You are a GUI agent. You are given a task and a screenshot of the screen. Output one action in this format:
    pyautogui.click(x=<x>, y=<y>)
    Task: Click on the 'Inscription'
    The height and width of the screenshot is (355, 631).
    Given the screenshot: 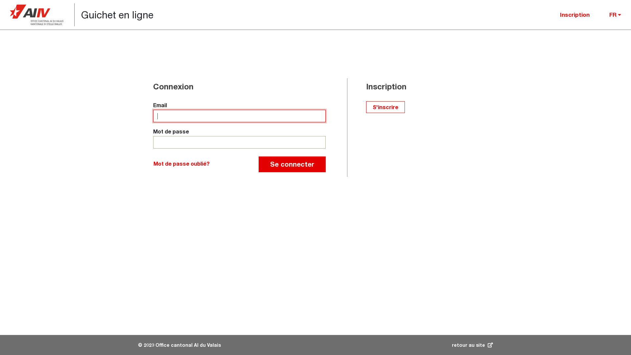 What is the action you would take?
    pyautogui.click(x=574, y=15)
    